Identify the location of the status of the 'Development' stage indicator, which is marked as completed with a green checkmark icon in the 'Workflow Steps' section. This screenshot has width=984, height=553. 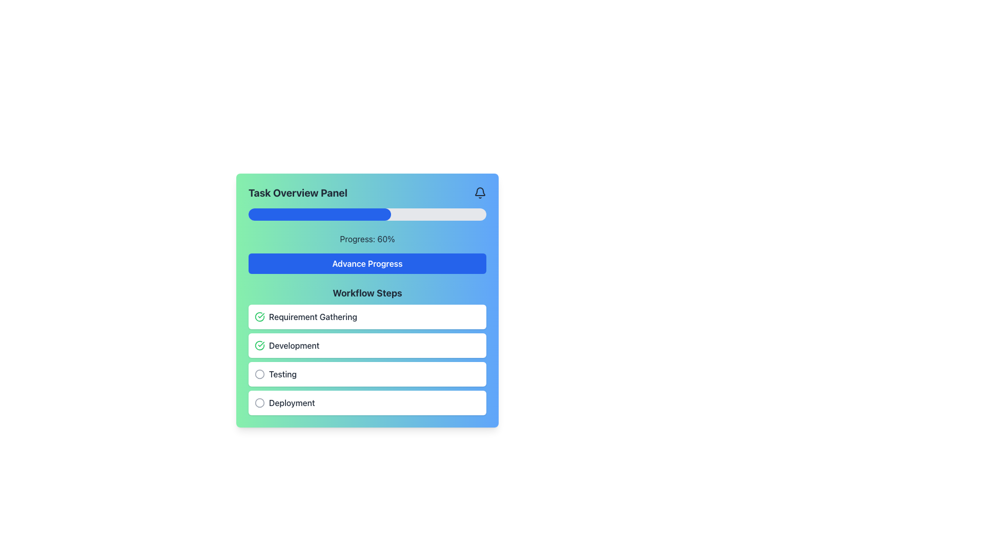
(367, 346).